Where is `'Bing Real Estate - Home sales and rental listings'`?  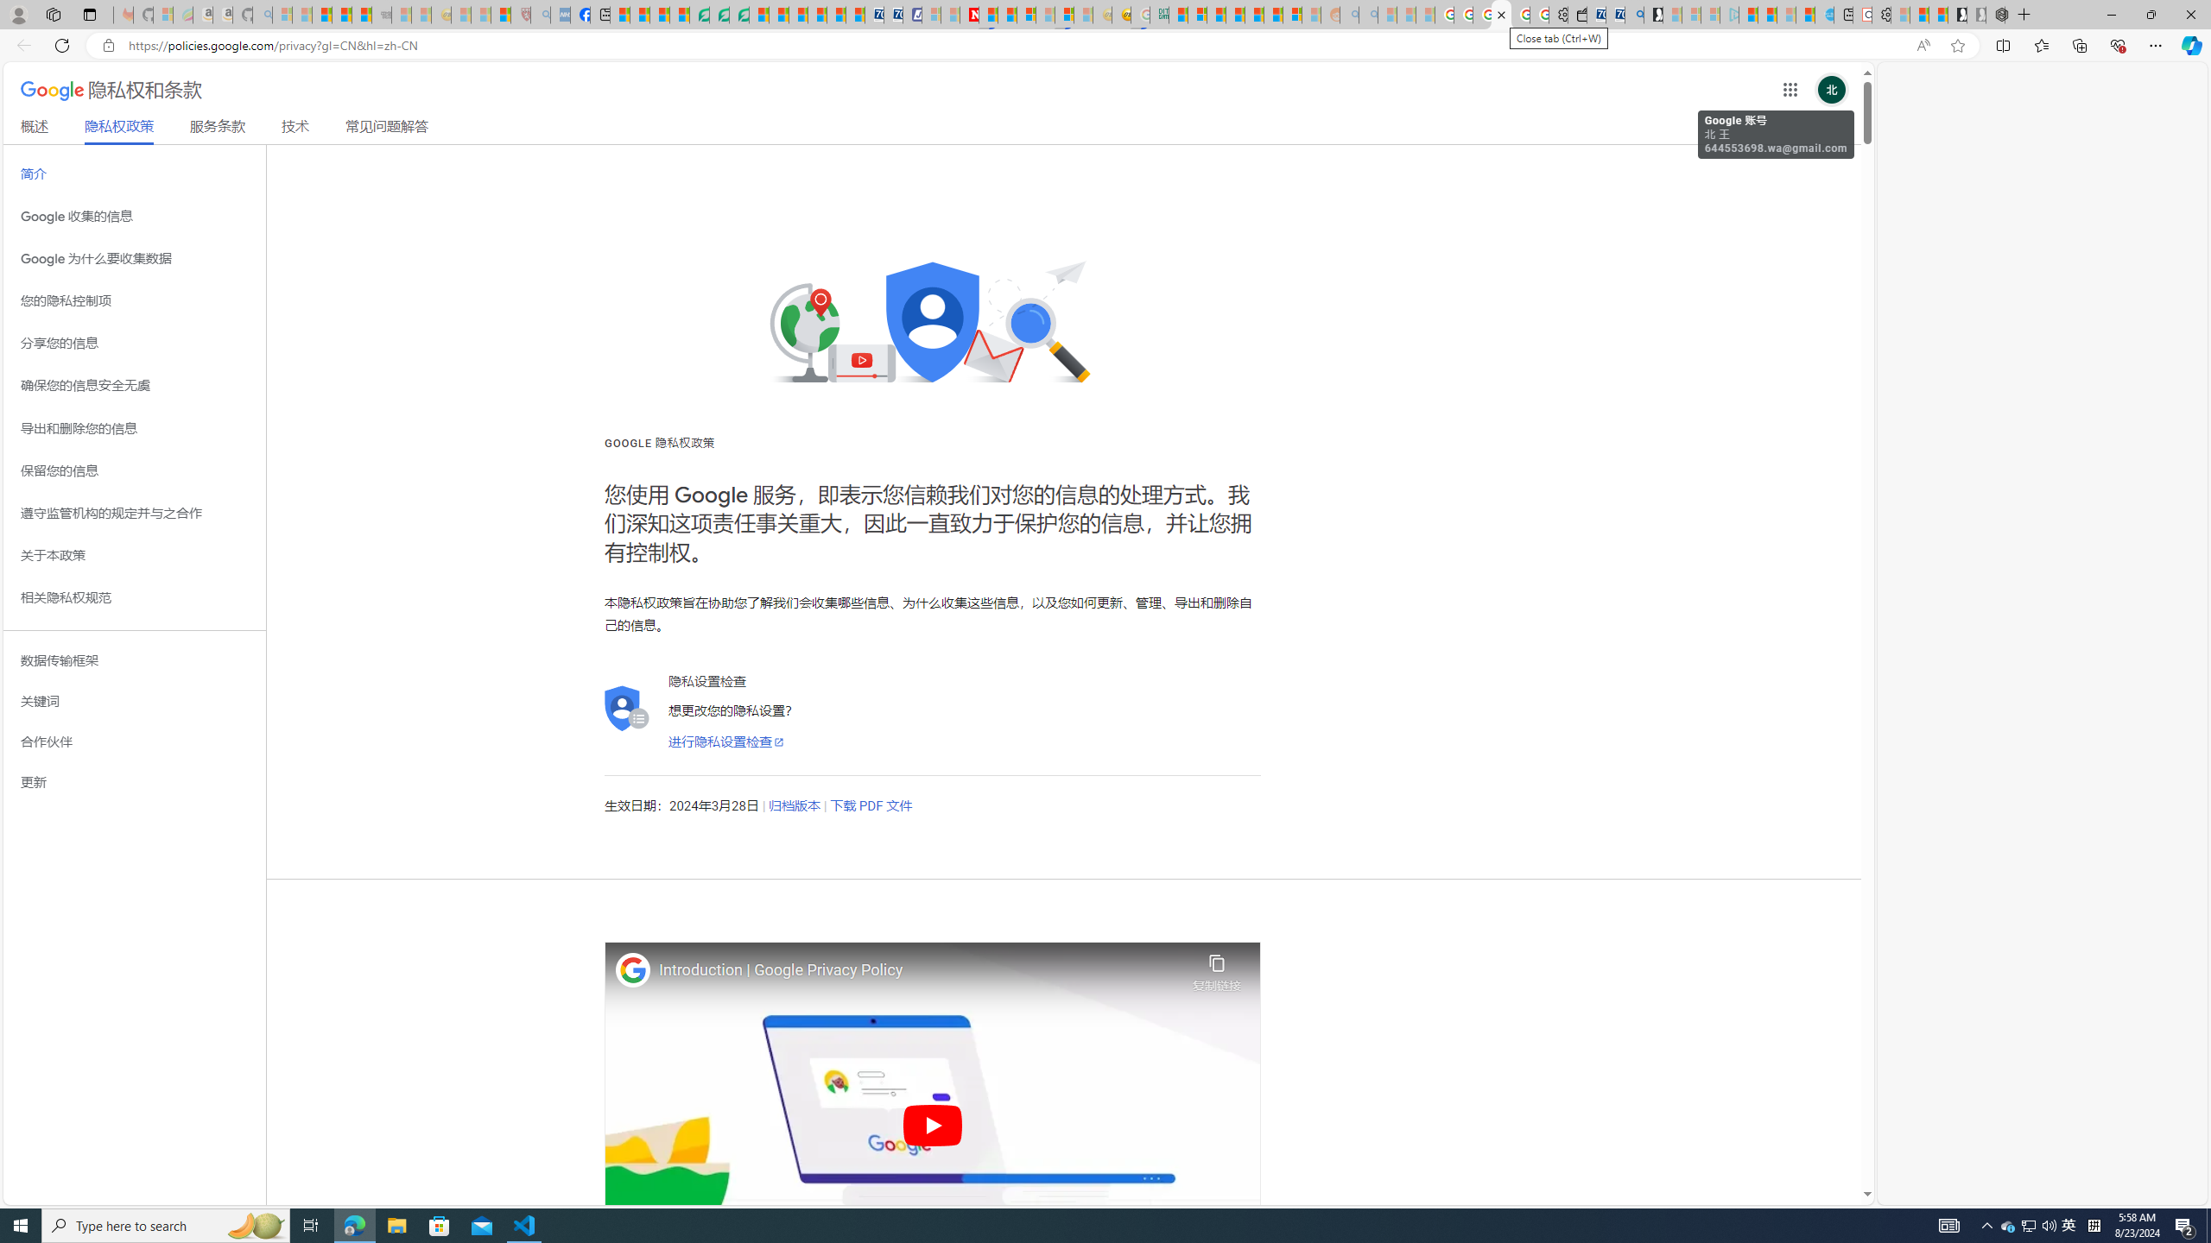
'Bing Real Estate - Home sales and rental listings' is located at coordinates (1634, 14).